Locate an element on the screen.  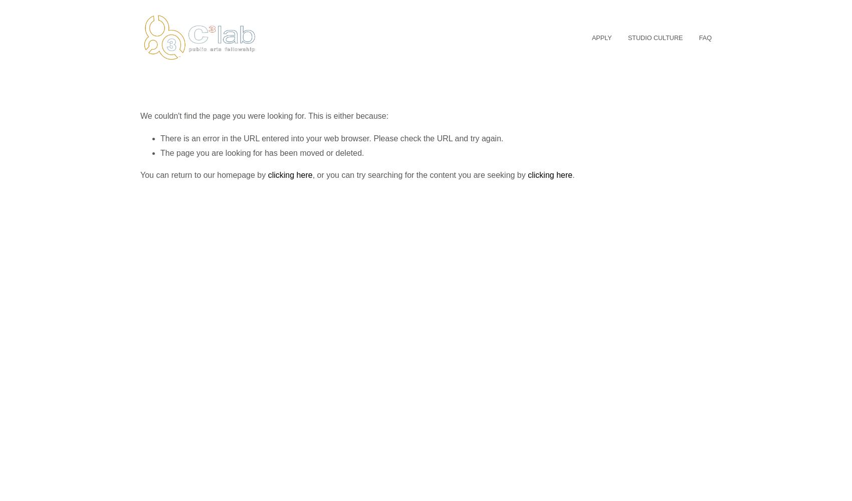
'We couldn't find the page you were looking for. This is either because:' is located at coordinates (264, 115).